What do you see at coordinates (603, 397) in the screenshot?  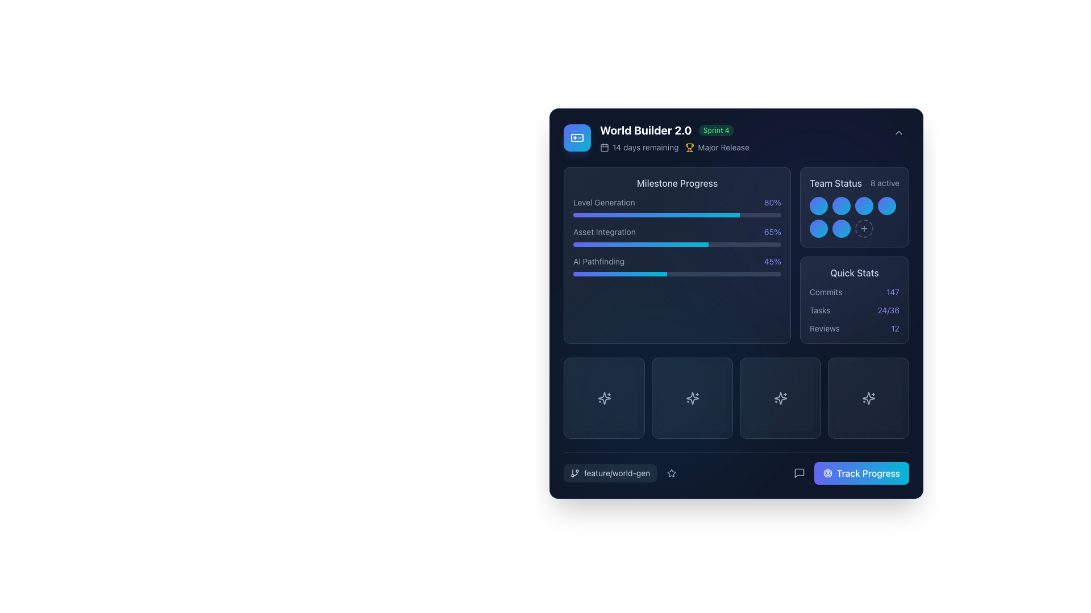 I see `the sparkle icon located centrally in the third pane from the left under the 'Milestone Progress' section` at bounding box center [603, 397].